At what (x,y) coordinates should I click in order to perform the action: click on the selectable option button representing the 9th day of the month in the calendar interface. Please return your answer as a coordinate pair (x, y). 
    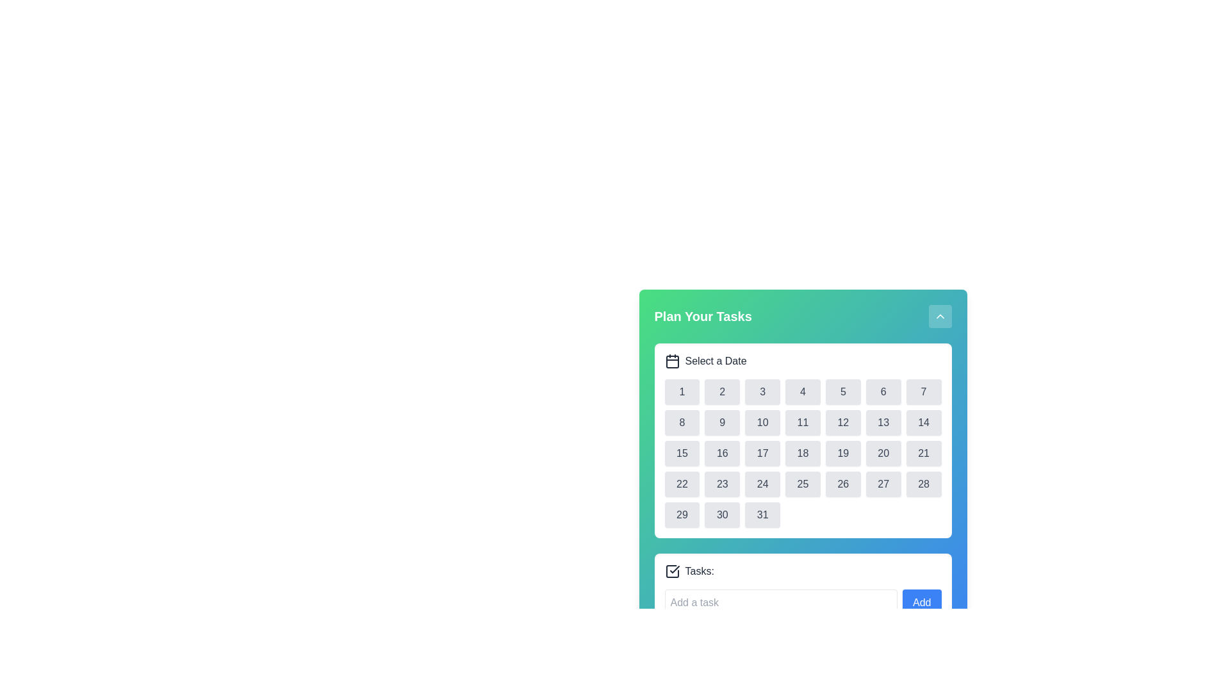
    Looking at the image, I should click on (722, 422).